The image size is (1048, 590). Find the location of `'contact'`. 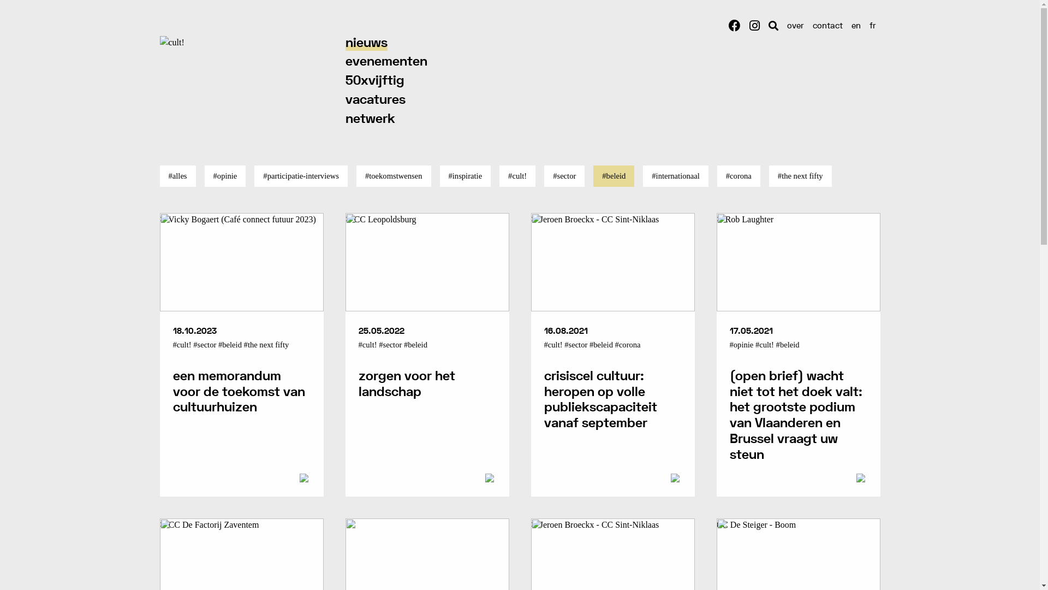

'contact' is located at coordinates (827, 26).